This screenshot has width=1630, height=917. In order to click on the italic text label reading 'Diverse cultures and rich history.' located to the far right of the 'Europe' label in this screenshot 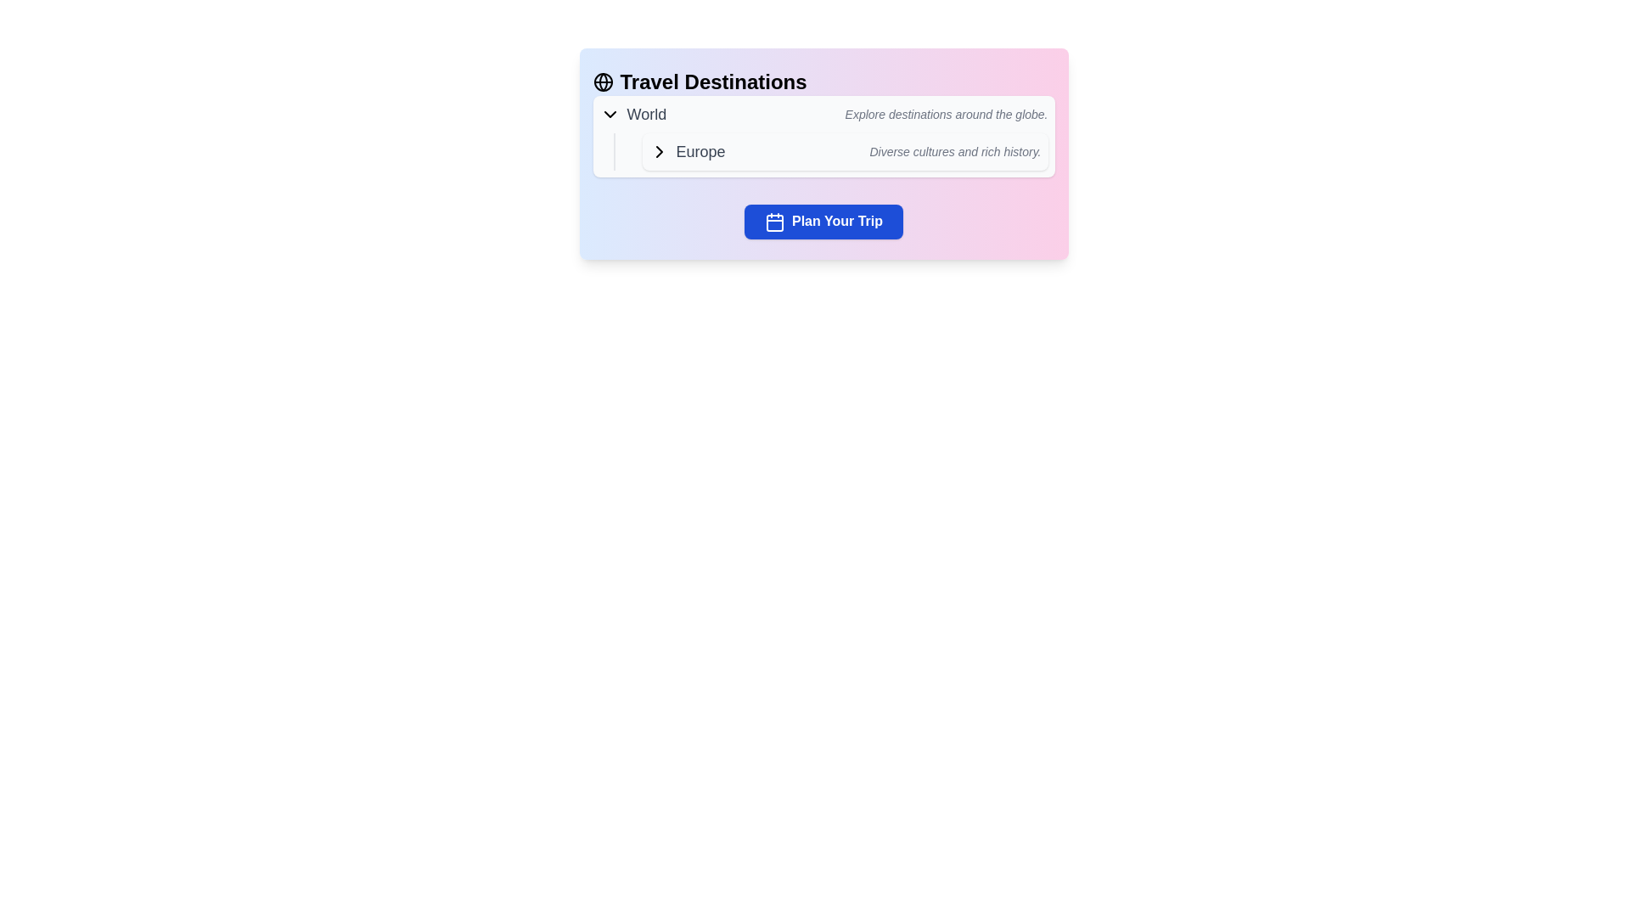, I will do `click(955, 150)`.